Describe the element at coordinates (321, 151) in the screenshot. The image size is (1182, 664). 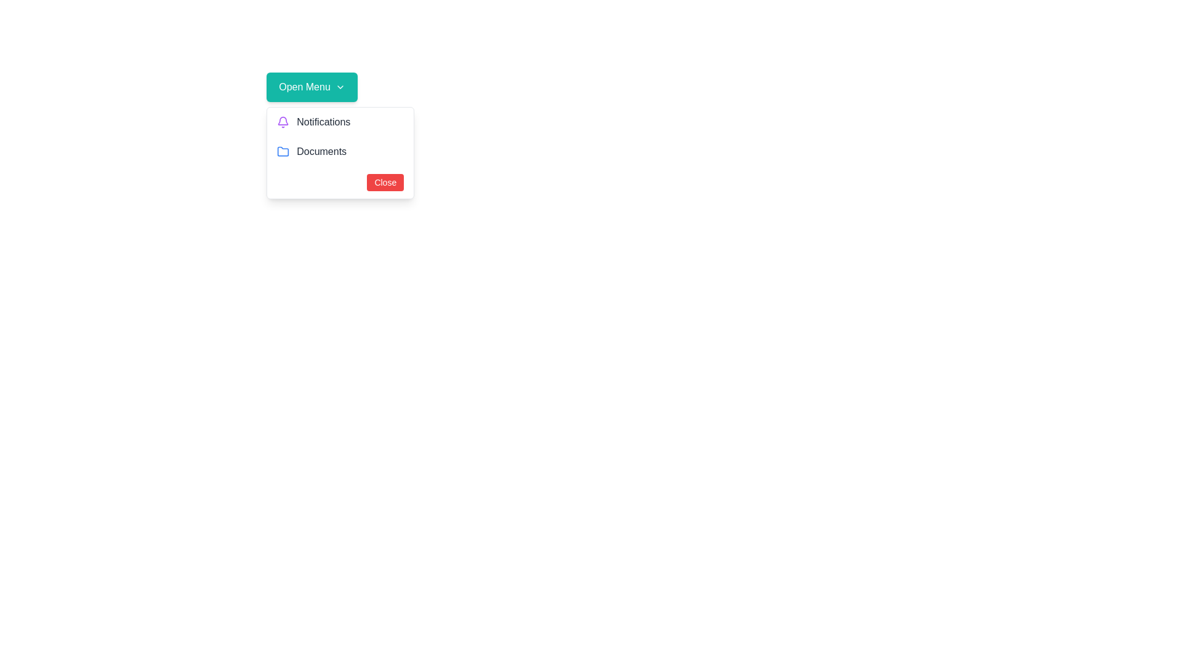
I see `the 'Documents' text label, which is styled in gray and positioned to the right of the folder icon, located below the 'Notifications' item in the dropdown menu` at that location.